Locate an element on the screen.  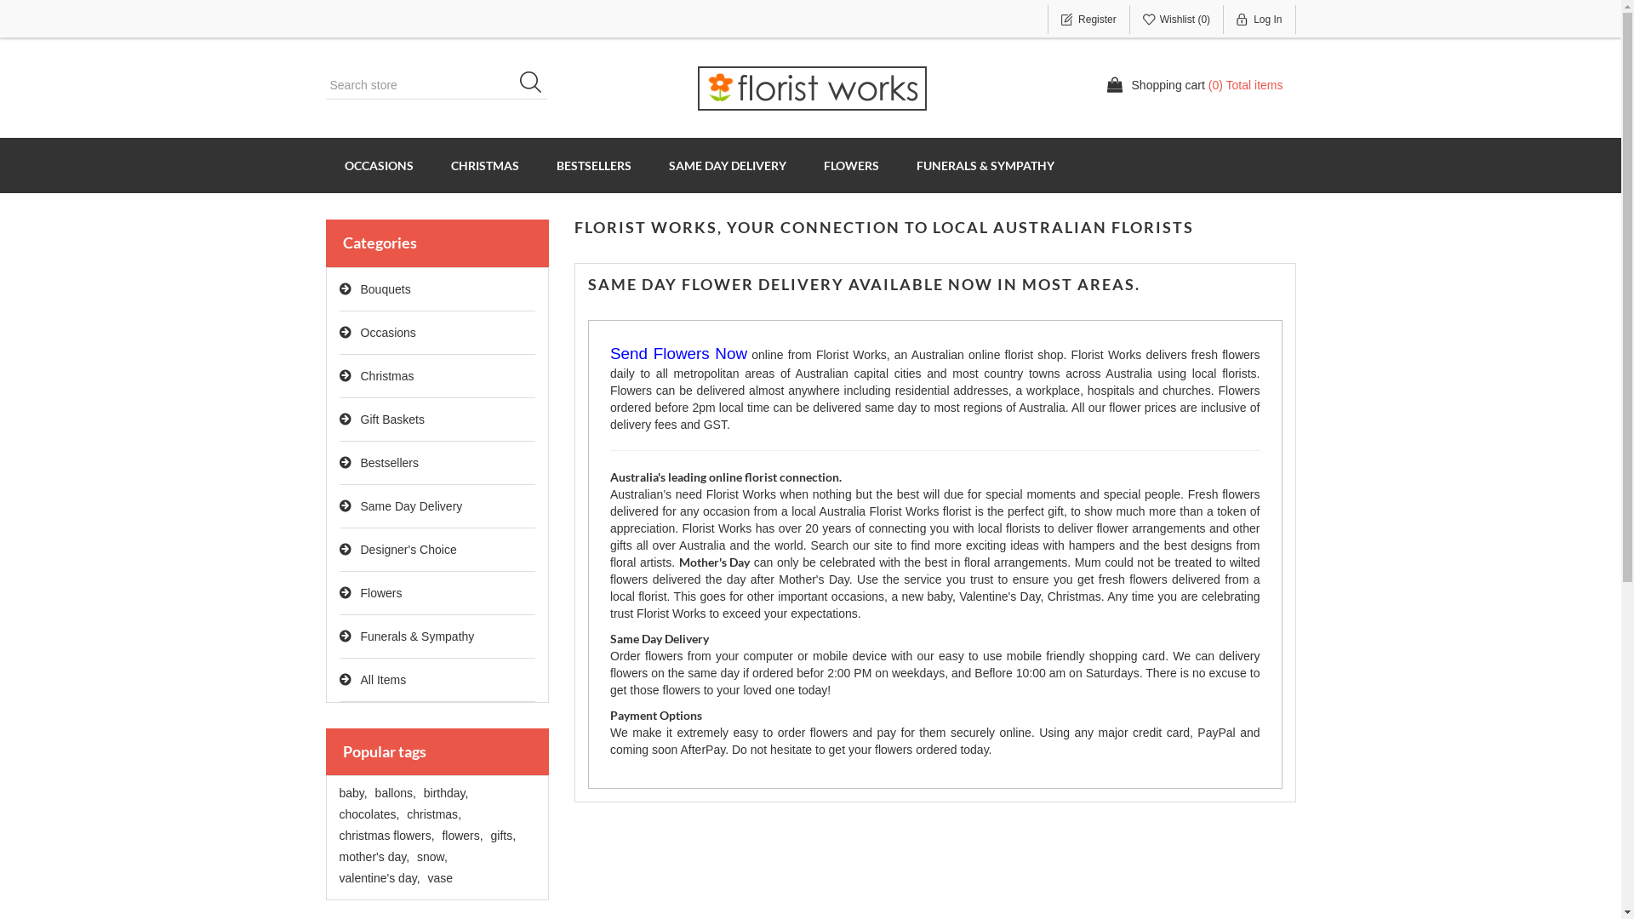
'Funerals & Sympathy' is located at coordinates (437, 636).